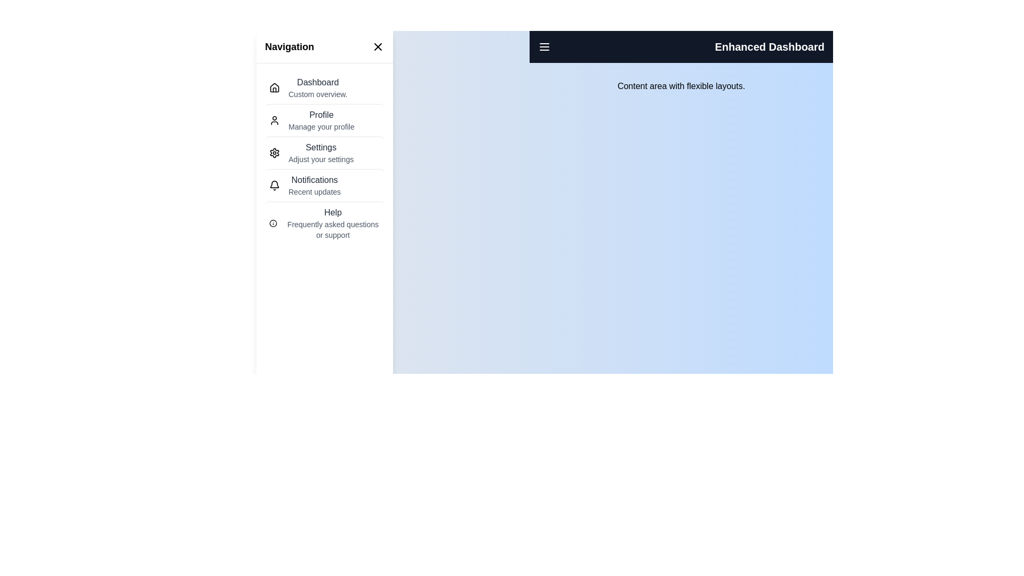 The height and width of the screenshot is (576, 1024). What do you see at coordinates (324, 222) in the screenshot?
I see `the fifth list item in the vertical navigation menu labeled 'Help', which includes an information icon and text below 'Notifications'` at bounding box center [324, 222].